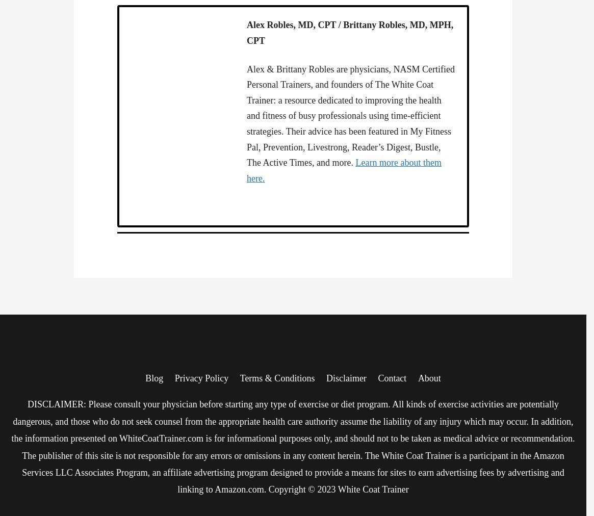  Describe the element at coordinates (346, 377) in the screenshot. I see `'Disclaimer'` at that location.